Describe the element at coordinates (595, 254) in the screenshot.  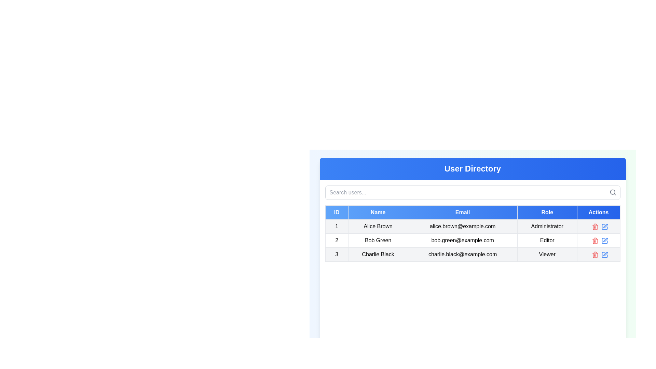
I see `the delete Icon button in the Actions column of the User Directory interface to initiate the delete action for the data entry of 'Charlie Black'` at that location.